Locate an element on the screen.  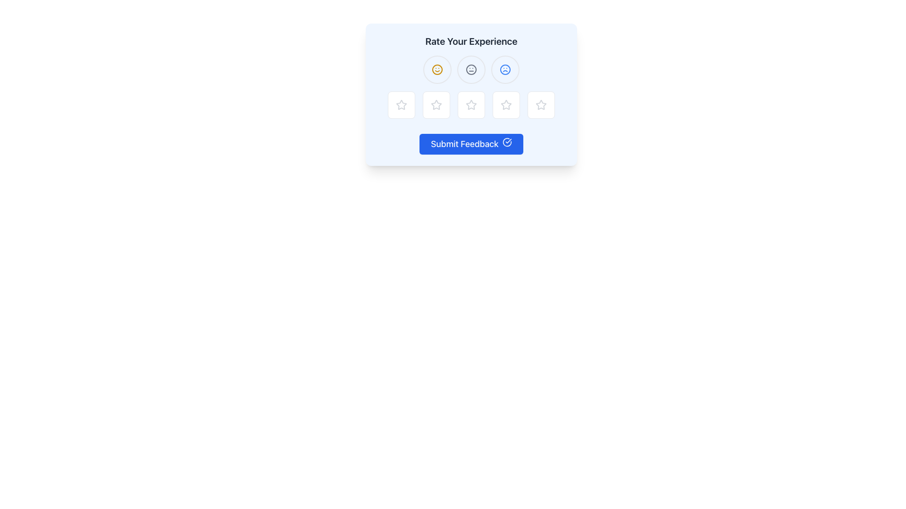
the circular button with a neutral face icon, which is the second button in a row of three is located at coordinates (471, 69).